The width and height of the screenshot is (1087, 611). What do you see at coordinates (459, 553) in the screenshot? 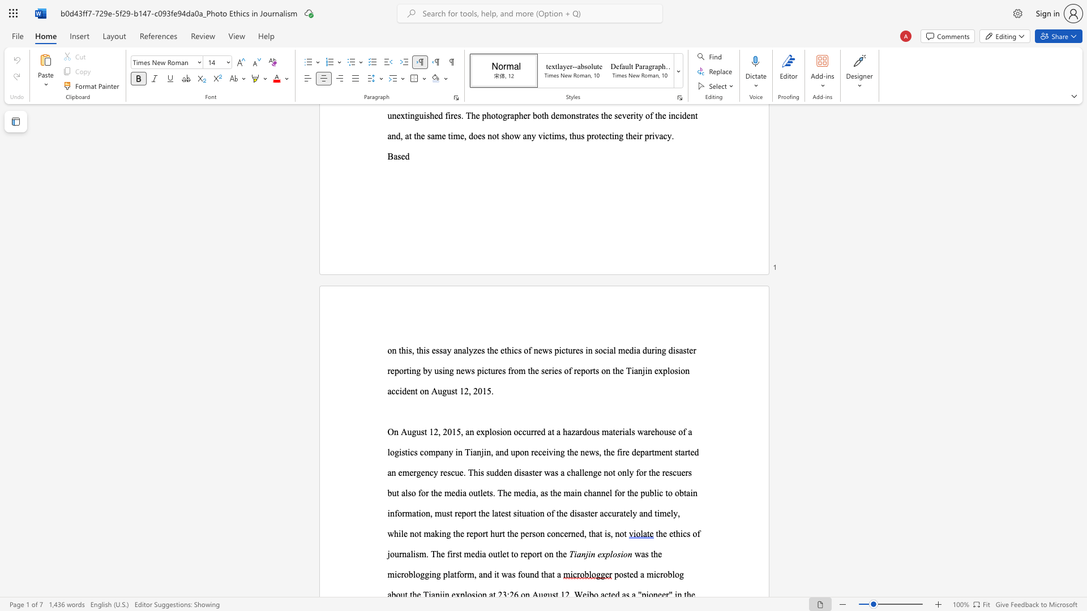
I see `the subset text "t media outlet to report on" within the text "the ethics of journalism. The first media outlet to report on the"` at bounding box center [459, 553].